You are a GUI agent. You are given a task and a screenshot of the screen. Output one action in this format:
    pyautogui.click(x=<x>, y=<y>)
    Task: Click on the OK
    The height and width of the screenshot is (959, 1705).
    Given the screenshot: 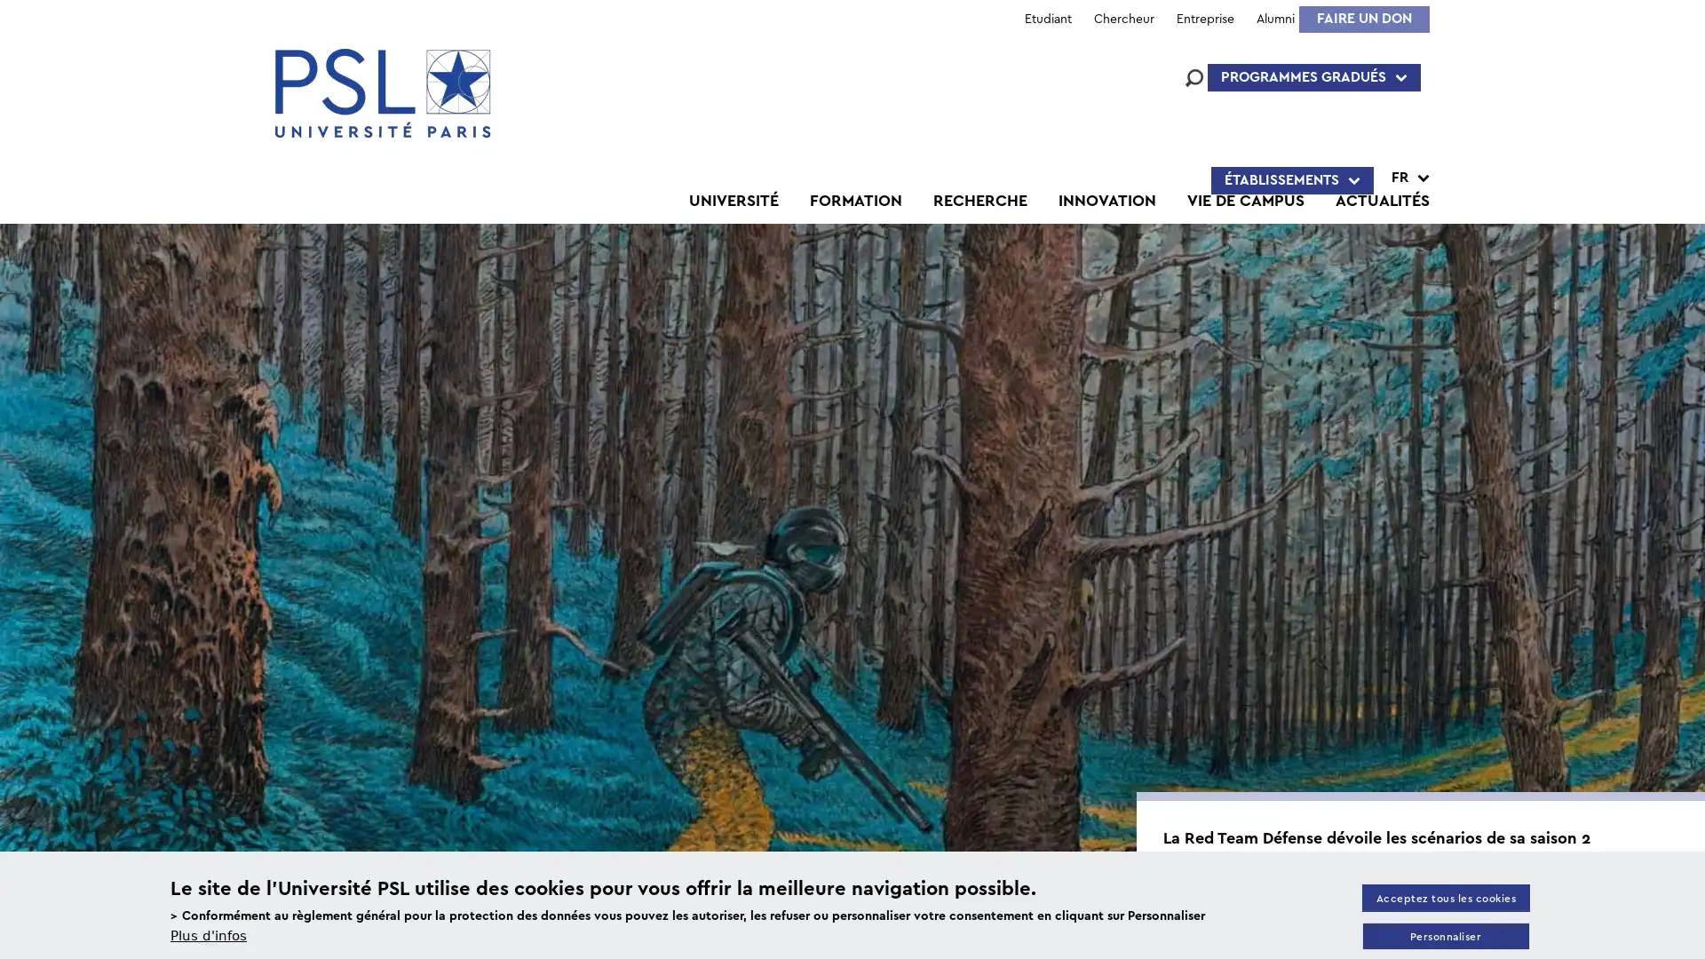 What is the action you would take?
    pyautogui.click(x=1258, y=661)
    